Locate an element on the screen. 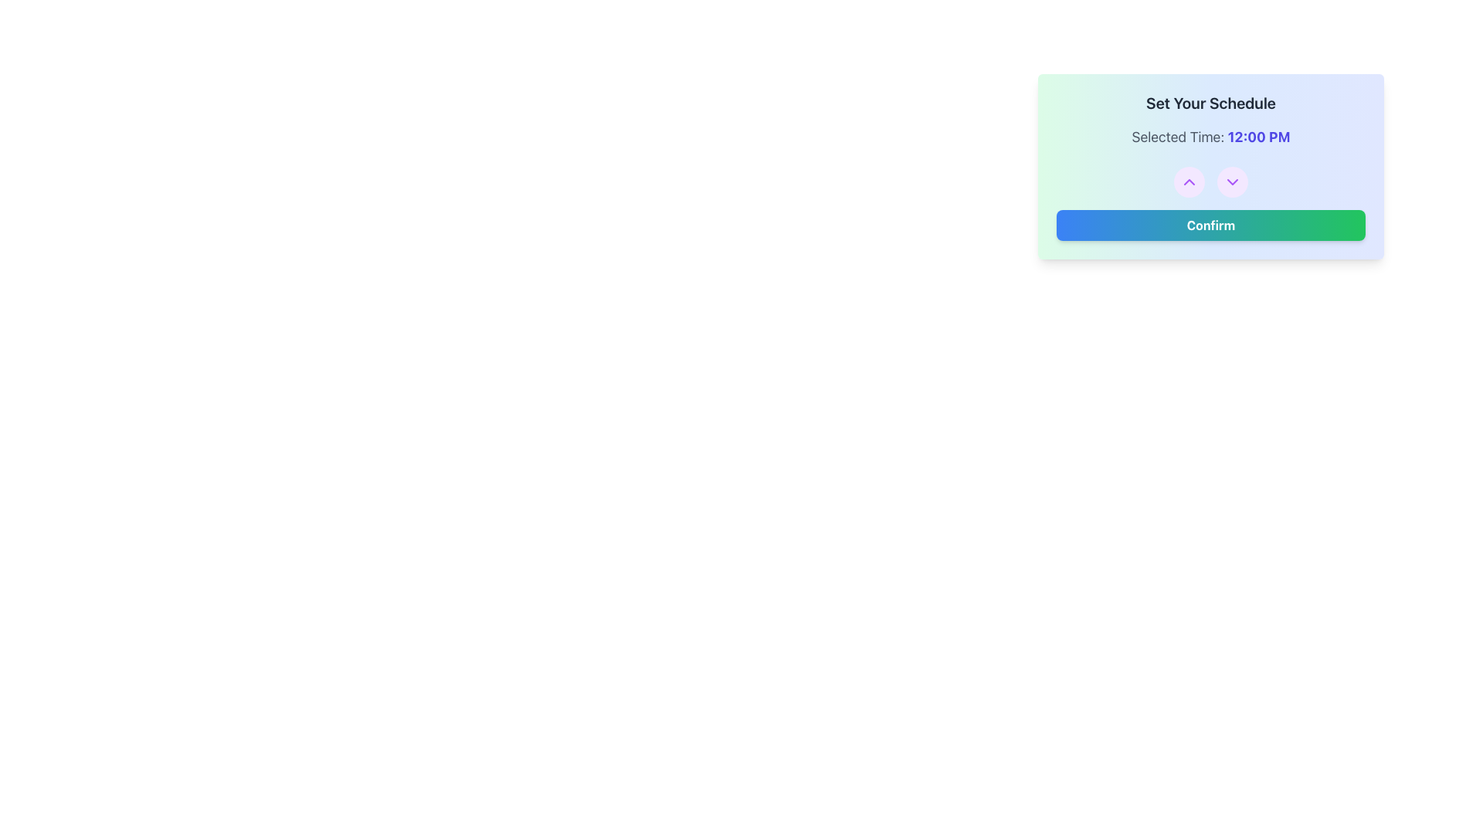  the increment time button located centrally beneath the selected time label, positioned to the left of the downward-facing chevron button is located at coordinates (1189, 181).